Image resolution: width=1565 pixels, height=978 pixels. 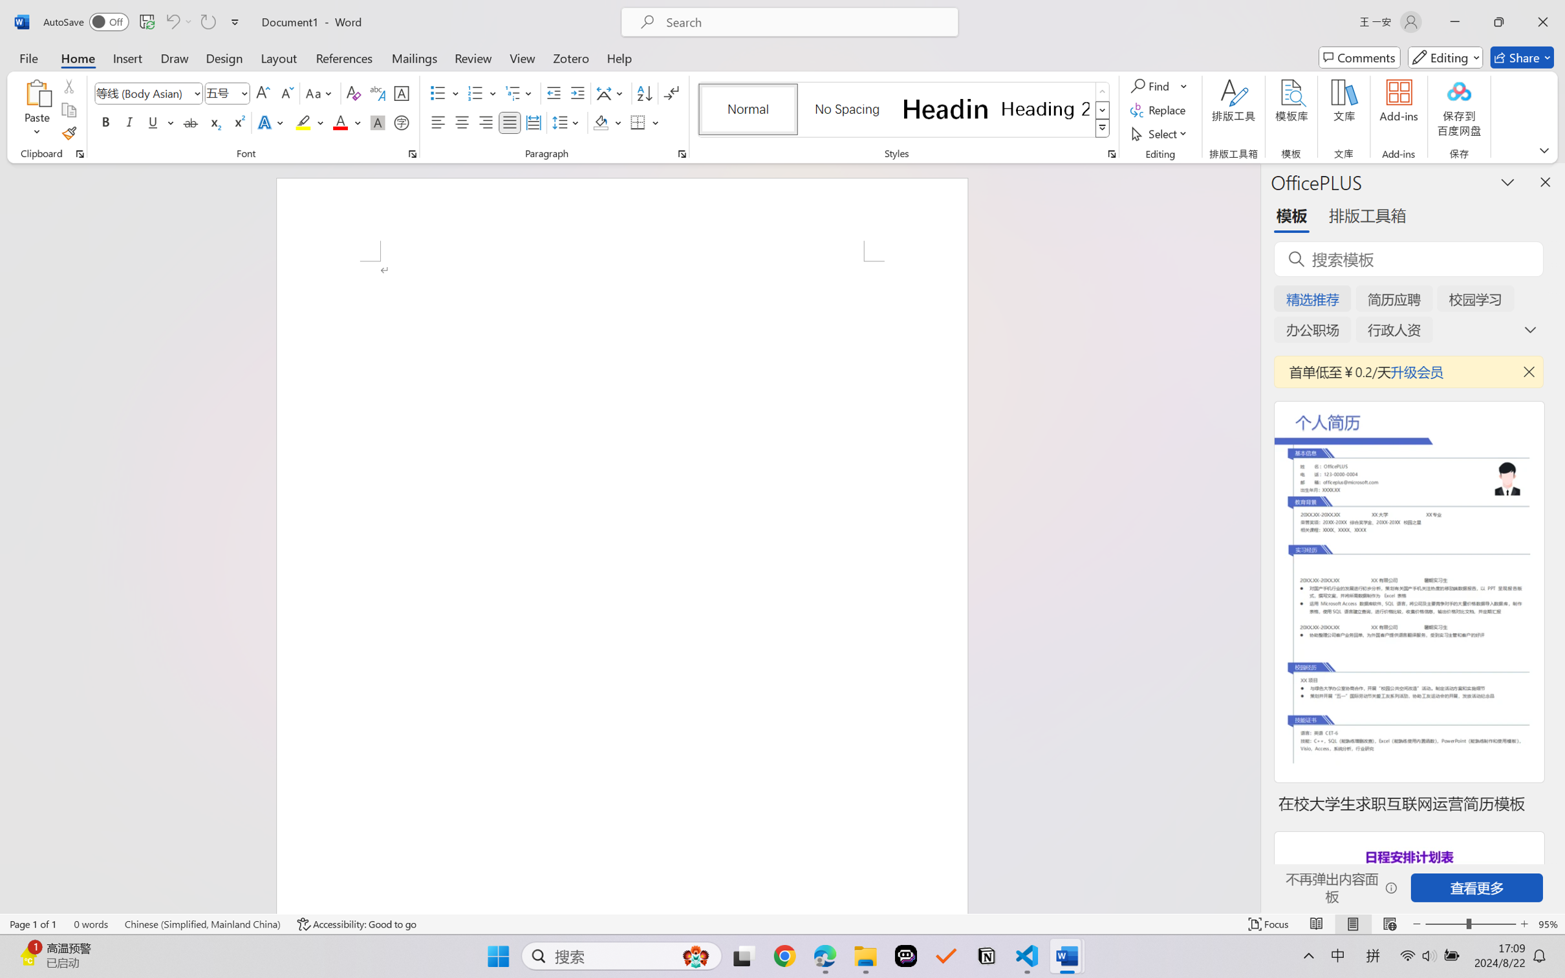 What do you see at coordinates (171, 21) in the screenshot?
I see `'Can'` at bounding box center [171, 21].